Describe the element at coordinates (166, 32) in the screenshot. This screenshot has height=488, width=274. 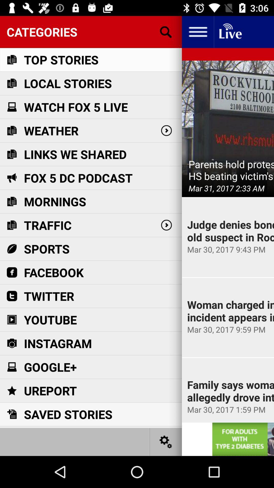
I see `seaching the button` at that location.